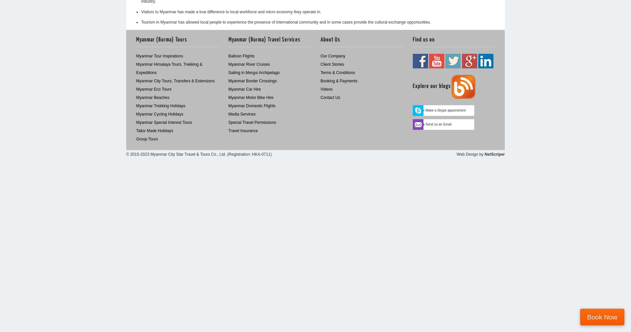  What do you see at coordinates (330, 98) in the screenshot?
I see `'Contact Us'` at bounding box center [330, 98].